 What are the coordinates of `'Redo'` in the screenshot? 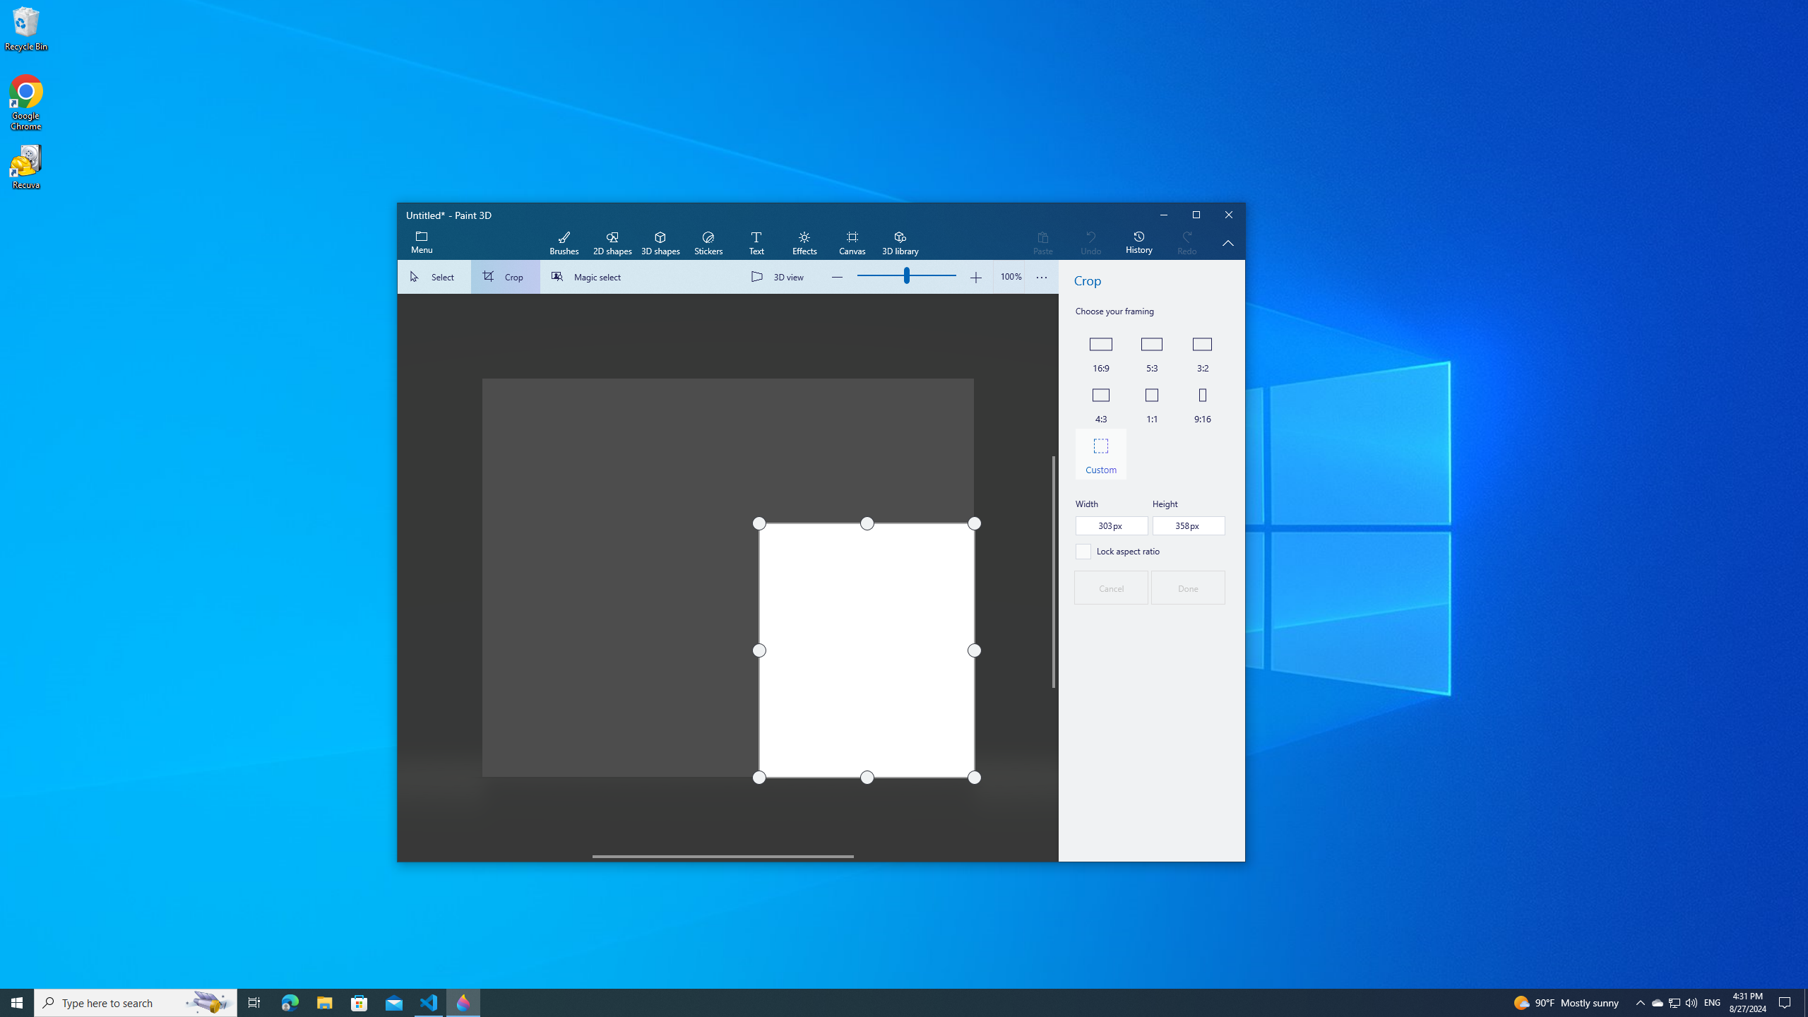 It's located at (1186, 243).